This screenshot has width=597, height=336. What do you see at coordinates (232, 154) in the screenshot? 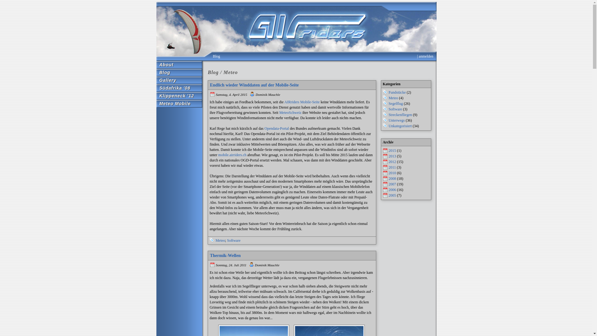
I see `'mobile.airriders.ch'` at bounding box center [232, 154].